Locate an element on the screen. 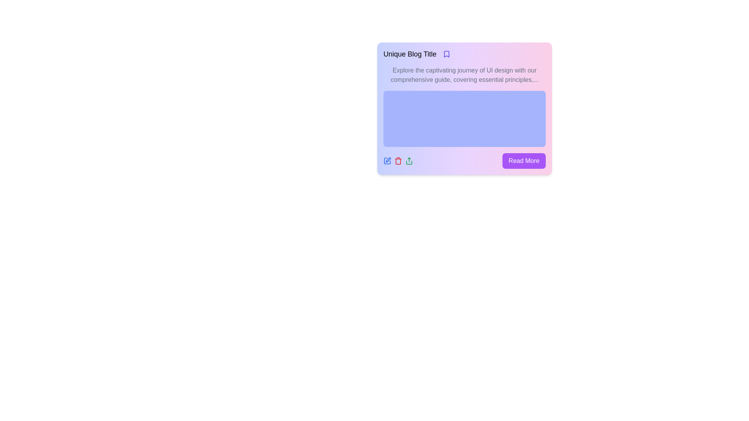 This screenshot has width=749, height=421. the text content providing a brief description or preview related to the blog post, located below the title 'Unique Blog Title' and above action buttons is located at coordinates (464, 75).